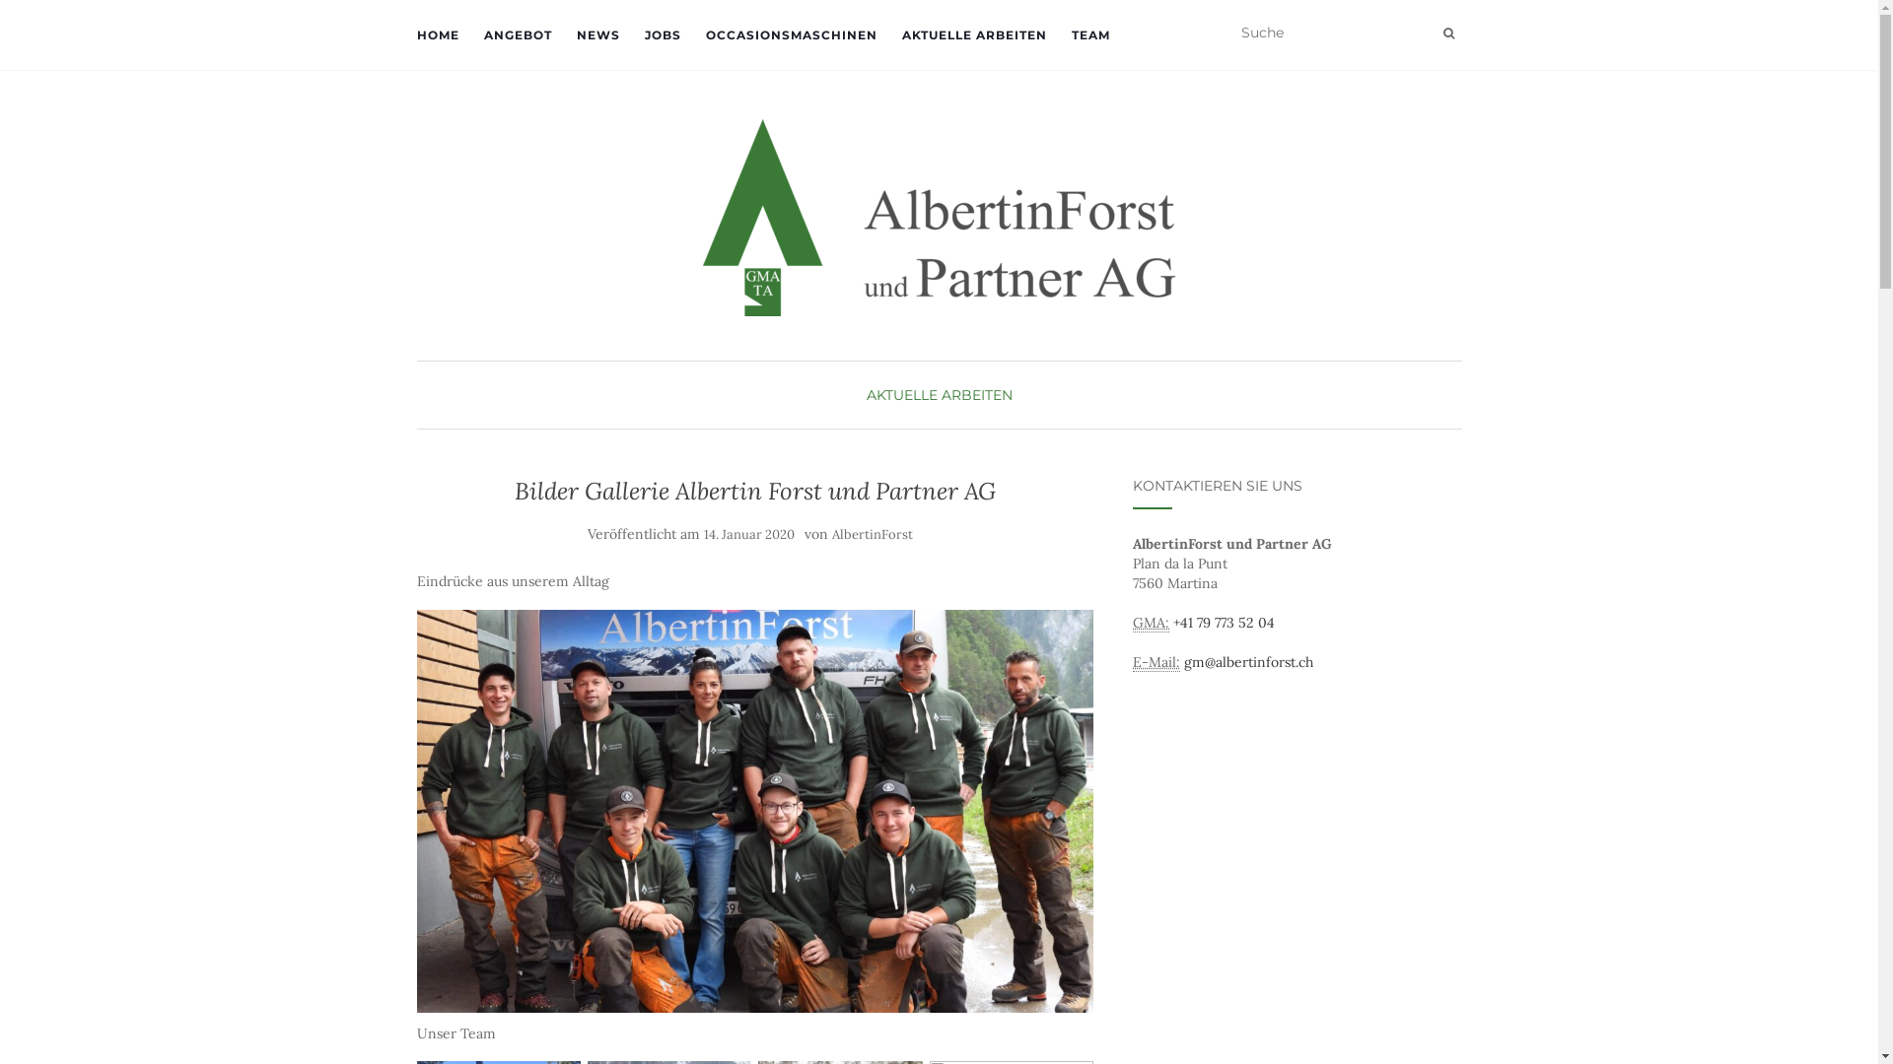  Describe the element at coordinates (791, 34) in the screenshot. I see `'OCCASIONSMASCHINEN'` at that location.